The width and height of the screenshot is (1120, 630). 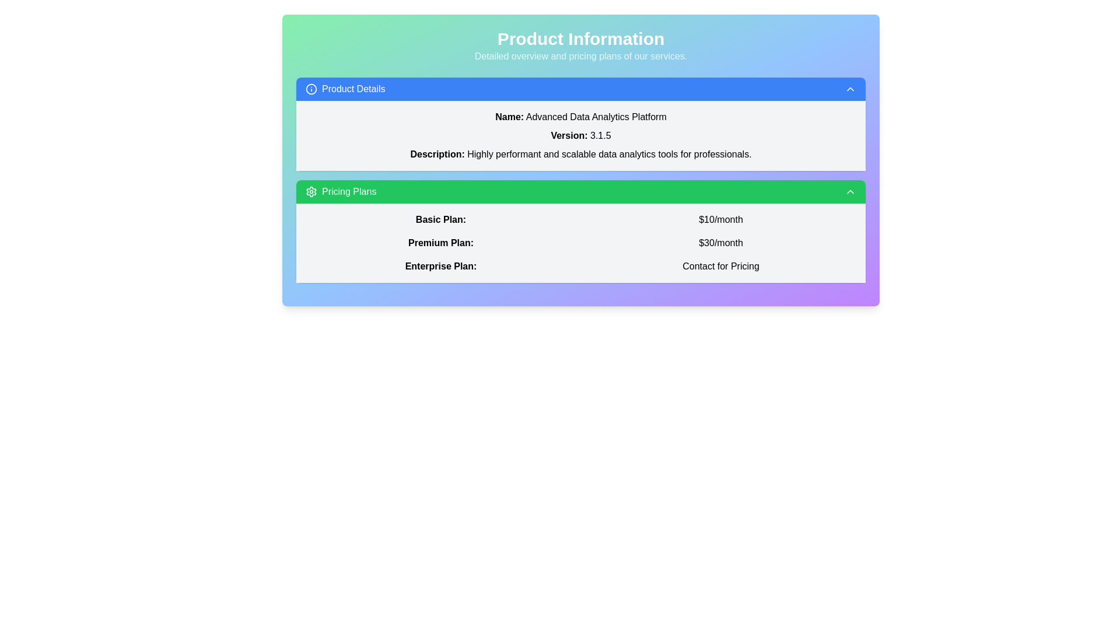 I want to click on the text label that displays 'Basic Plan:' located in the 'Pricing Plans' section, so click(x=440, y=219).